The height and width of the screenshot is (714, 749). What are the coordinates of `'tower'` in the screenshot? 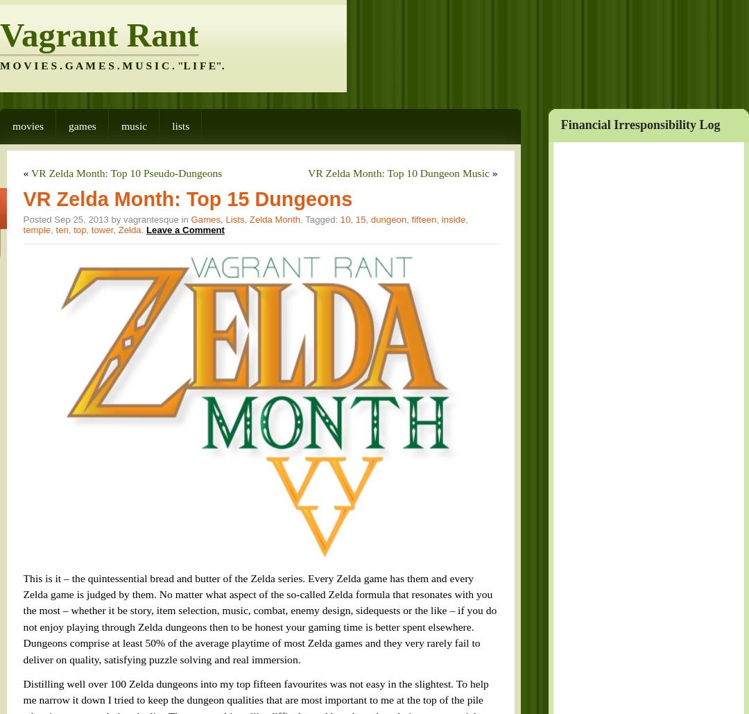 It's located at (85, 190).